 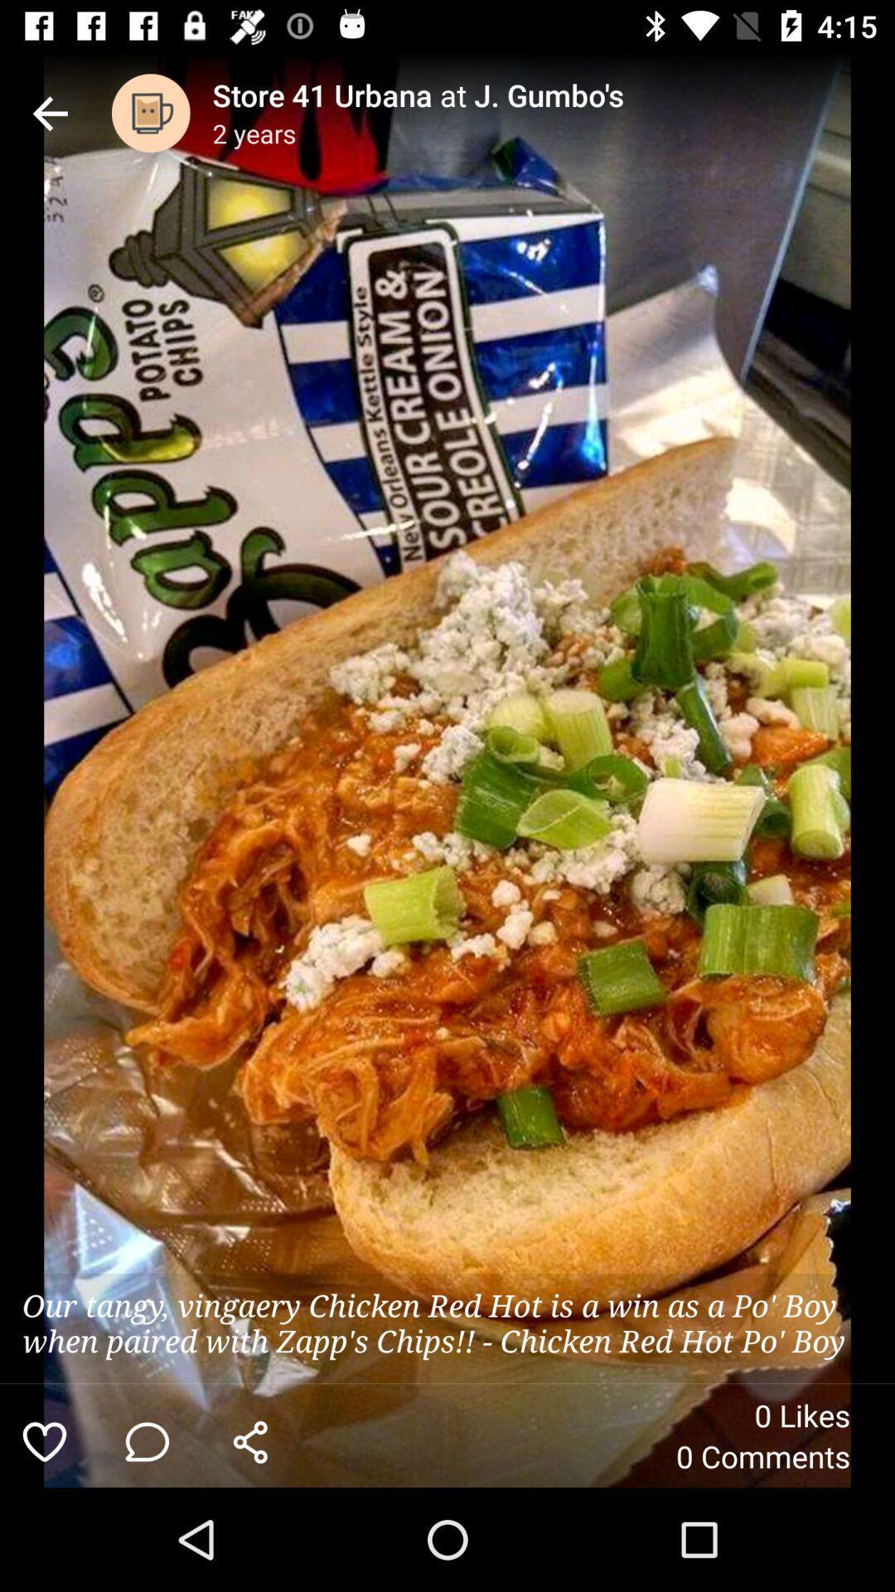 I want to click on item above our tangy vingaery item, so click(x=151, y=112).